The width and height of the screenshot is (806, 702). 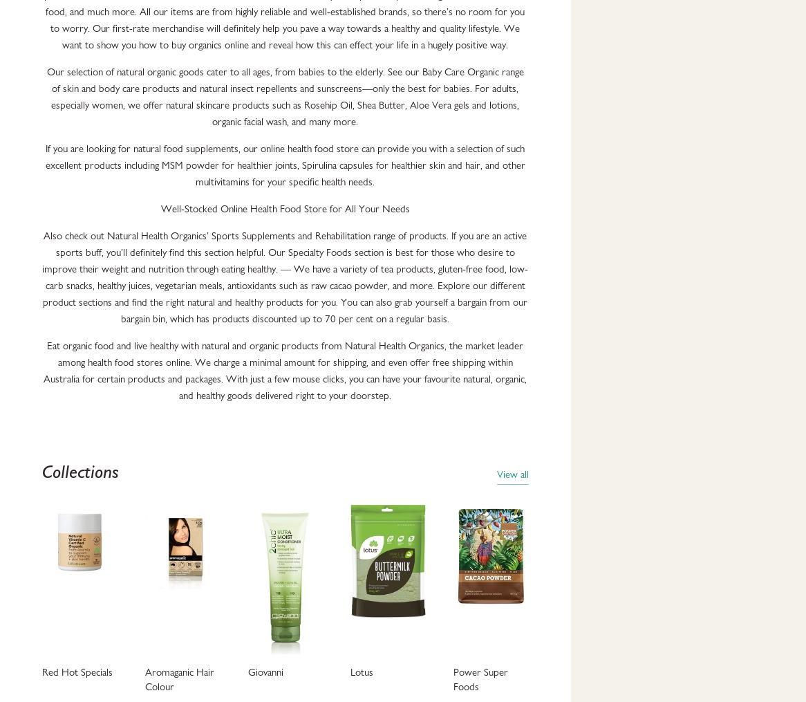 What do you see at coordinates (496, 474) in the screenshot?
I see `'View all'` at bounding box center [496, 474].